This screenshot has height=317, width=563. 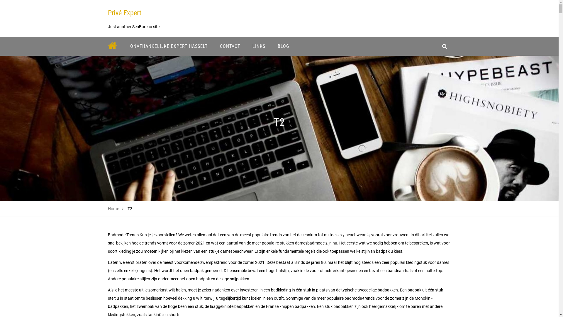 What do you see at coordinates (438, 46) in the screenshot?
I see `'search_icon'` at bounding box center [438, 46].